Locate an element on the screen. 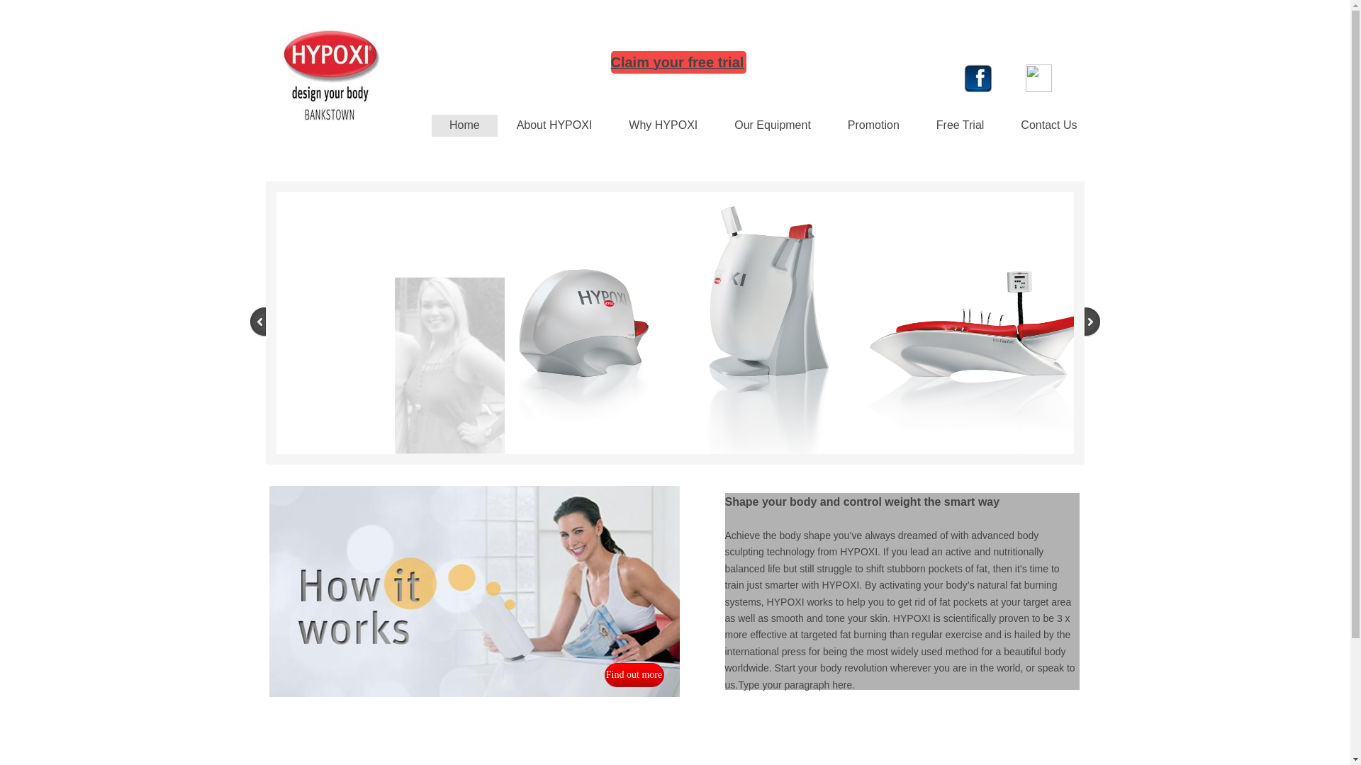 Image resolution: width=1361 pixels, height=765 pixels. 'Free Trial' is located at coordinates (960, 125).